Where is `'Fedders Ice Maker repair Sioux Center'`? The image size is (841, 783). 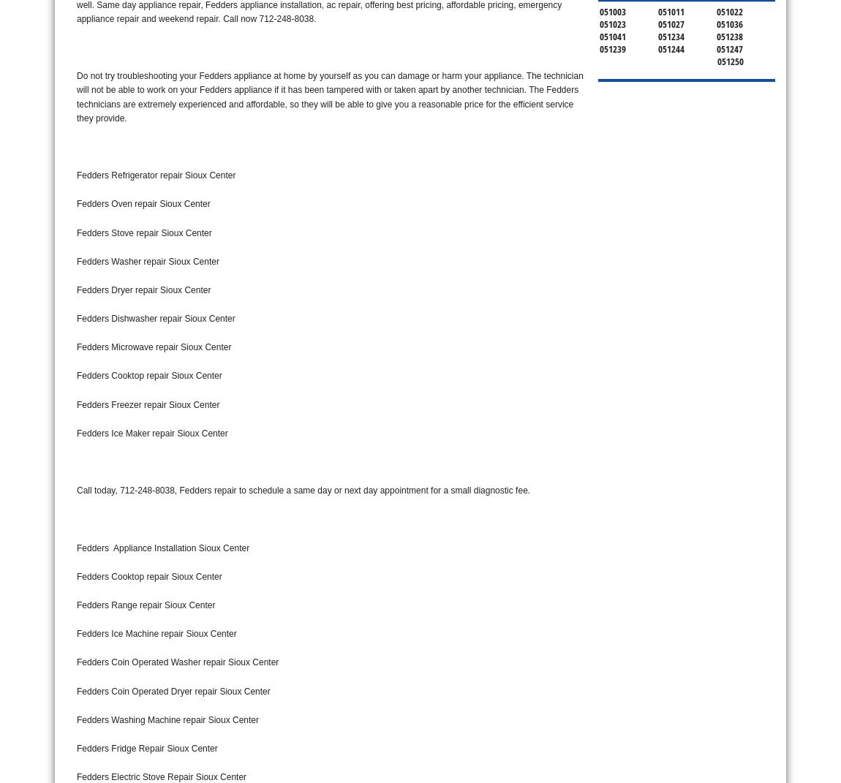 'Fedders Ice Maker repair Sioux Center' is located at coordinates (151, 433).